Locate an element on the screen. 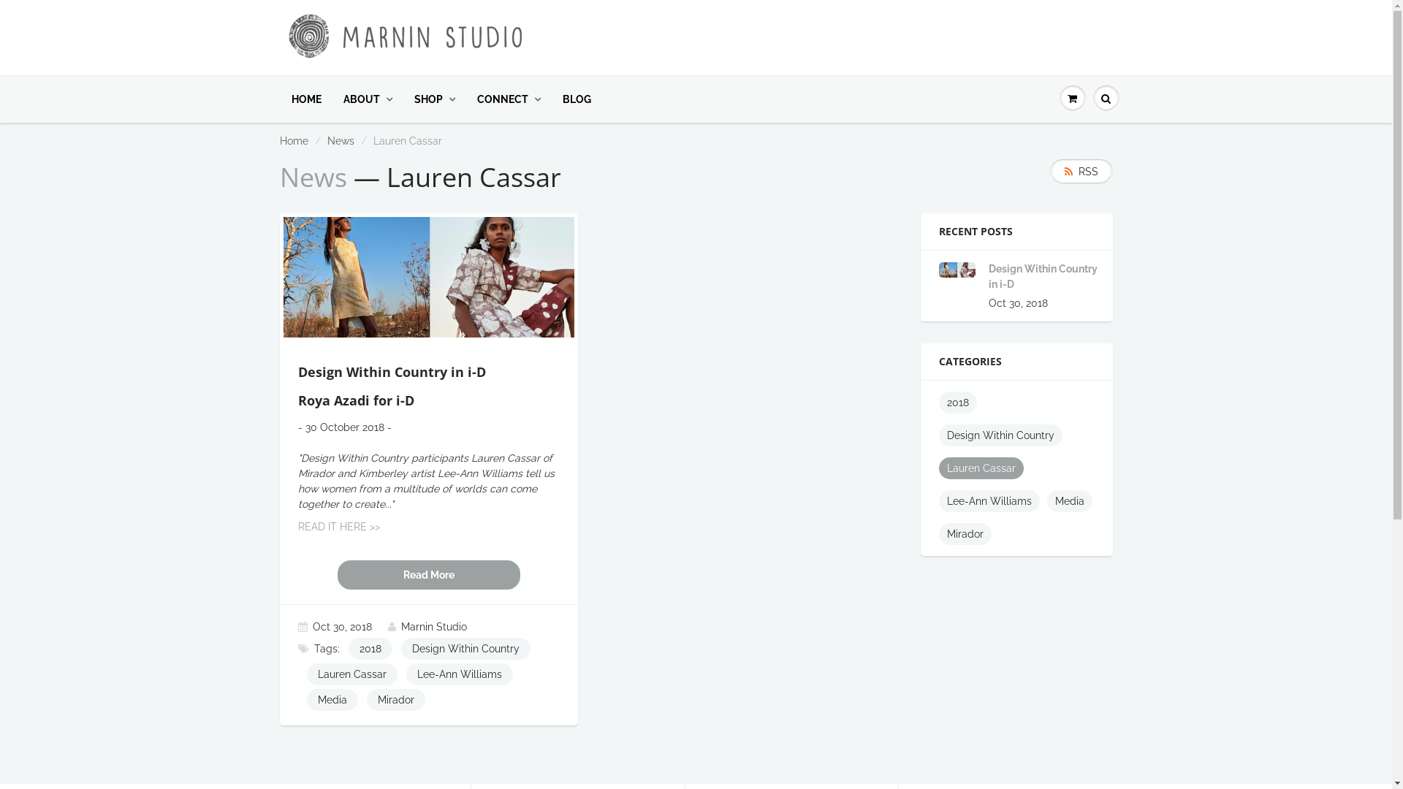  'CONNECT' is located at coordinates (509, 99).